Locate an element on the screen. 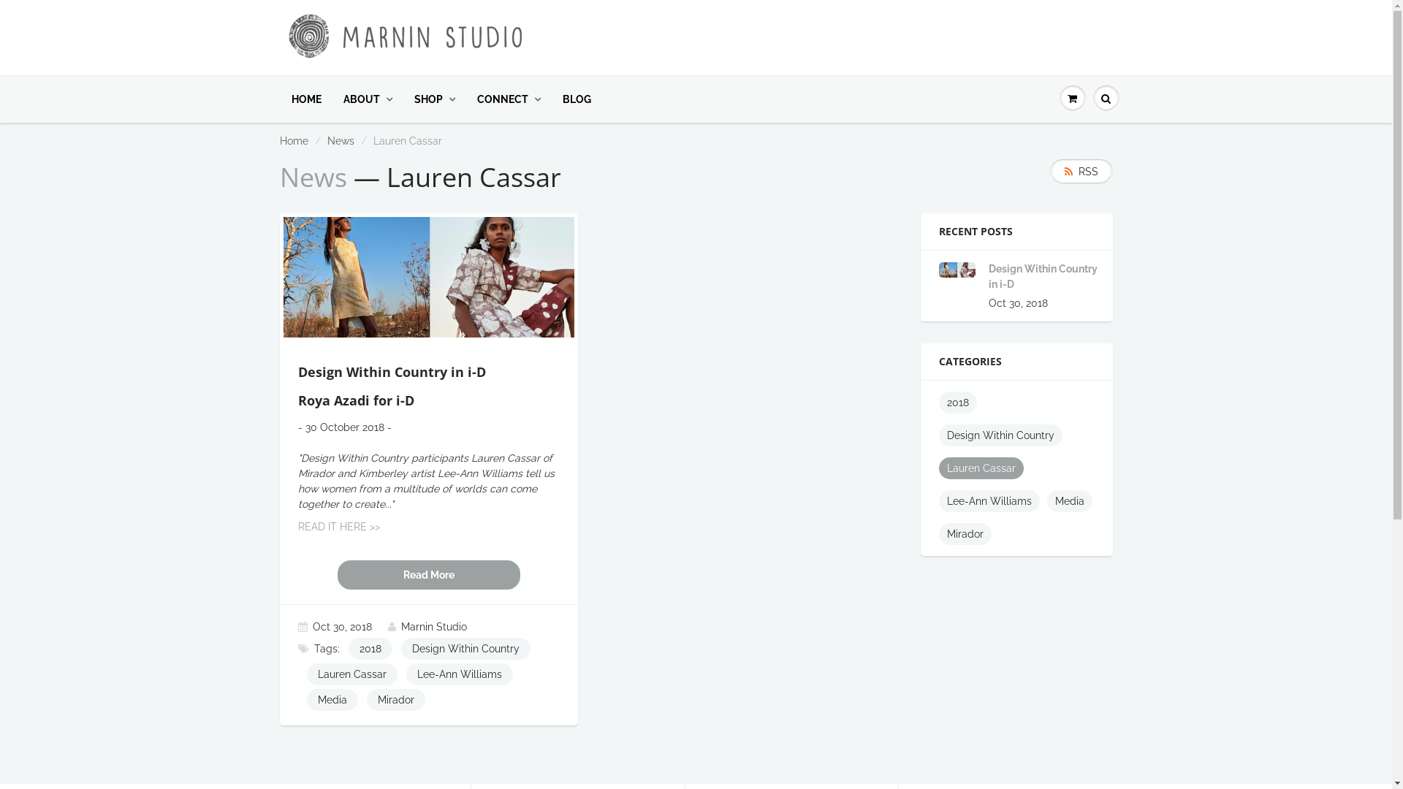  'CONNECT' is located at coordinates (509, 99).